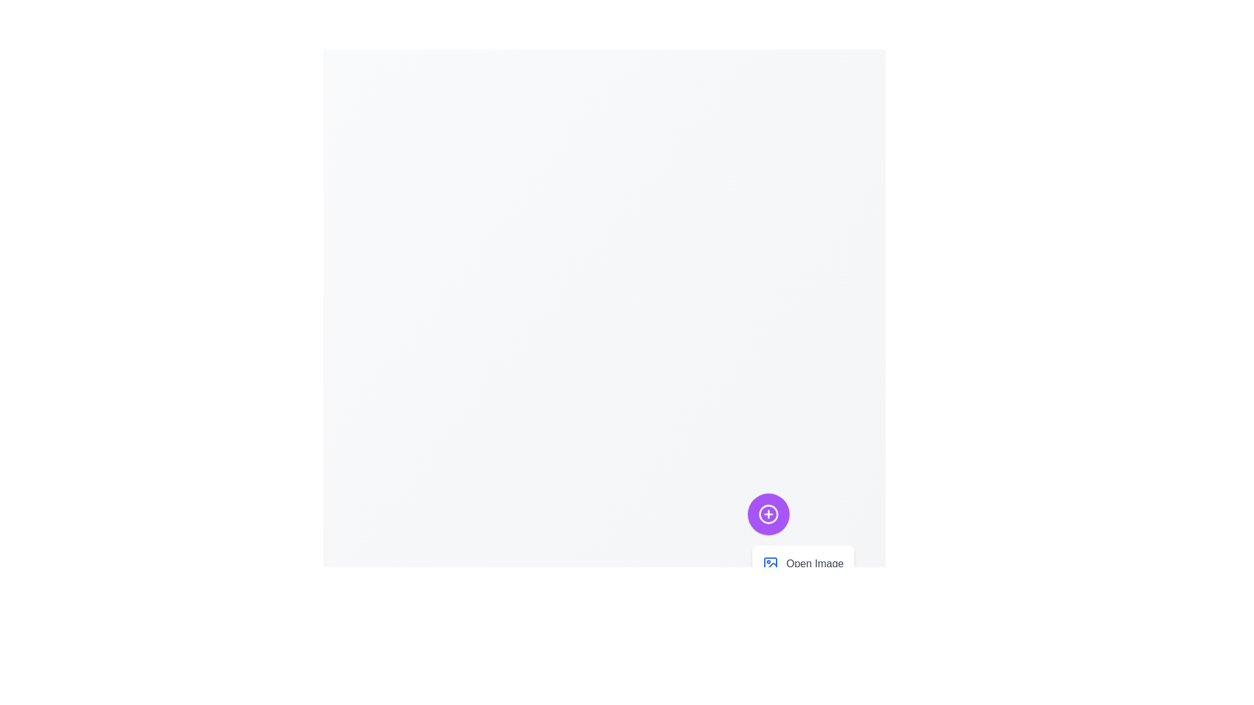 Image resolution: width=1254 pixels, height=705 pixels. Describe the element at coordinates (768, 513) in the screenshot. I see `the purple circular button to toggle the speed dial menu` at that location.